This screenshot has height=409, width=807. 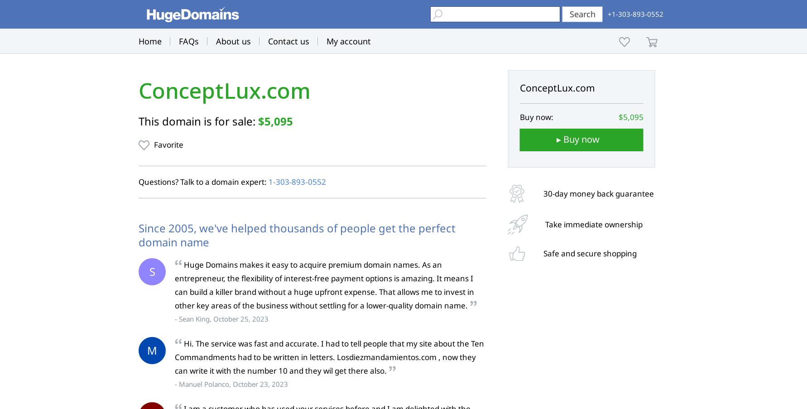 What do you see at coordinates (296, 181) in the screenshot?
I see `'1‑303‑893‑0552'` at bounding box center [296, 181].